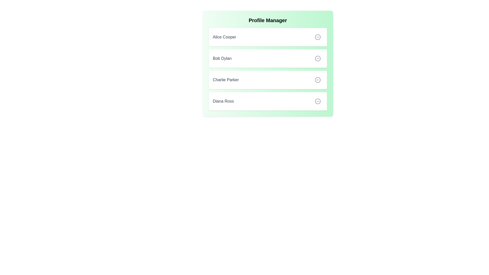  What do you see at coordinates (317, 101) in the screenshot?
I see `toggle button for Diana Ross to toggle their active state` at bounding box center [317, 101].